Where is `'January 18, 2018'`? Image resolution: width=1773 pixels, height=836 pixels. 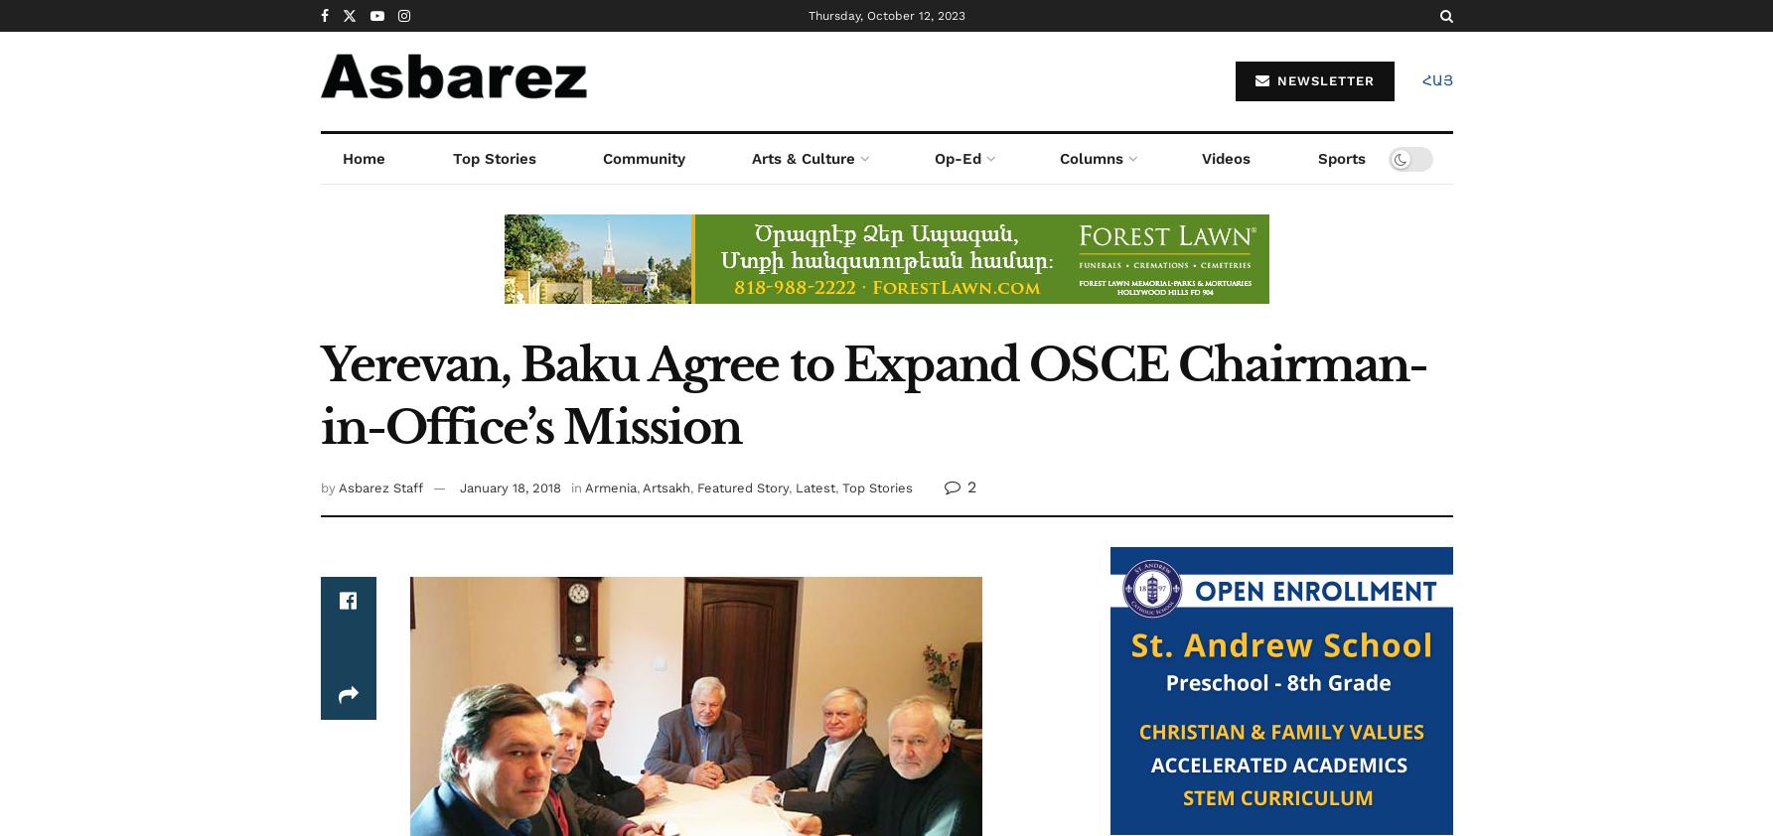
'January 18, 2018' is located at coordinates (510, 487).